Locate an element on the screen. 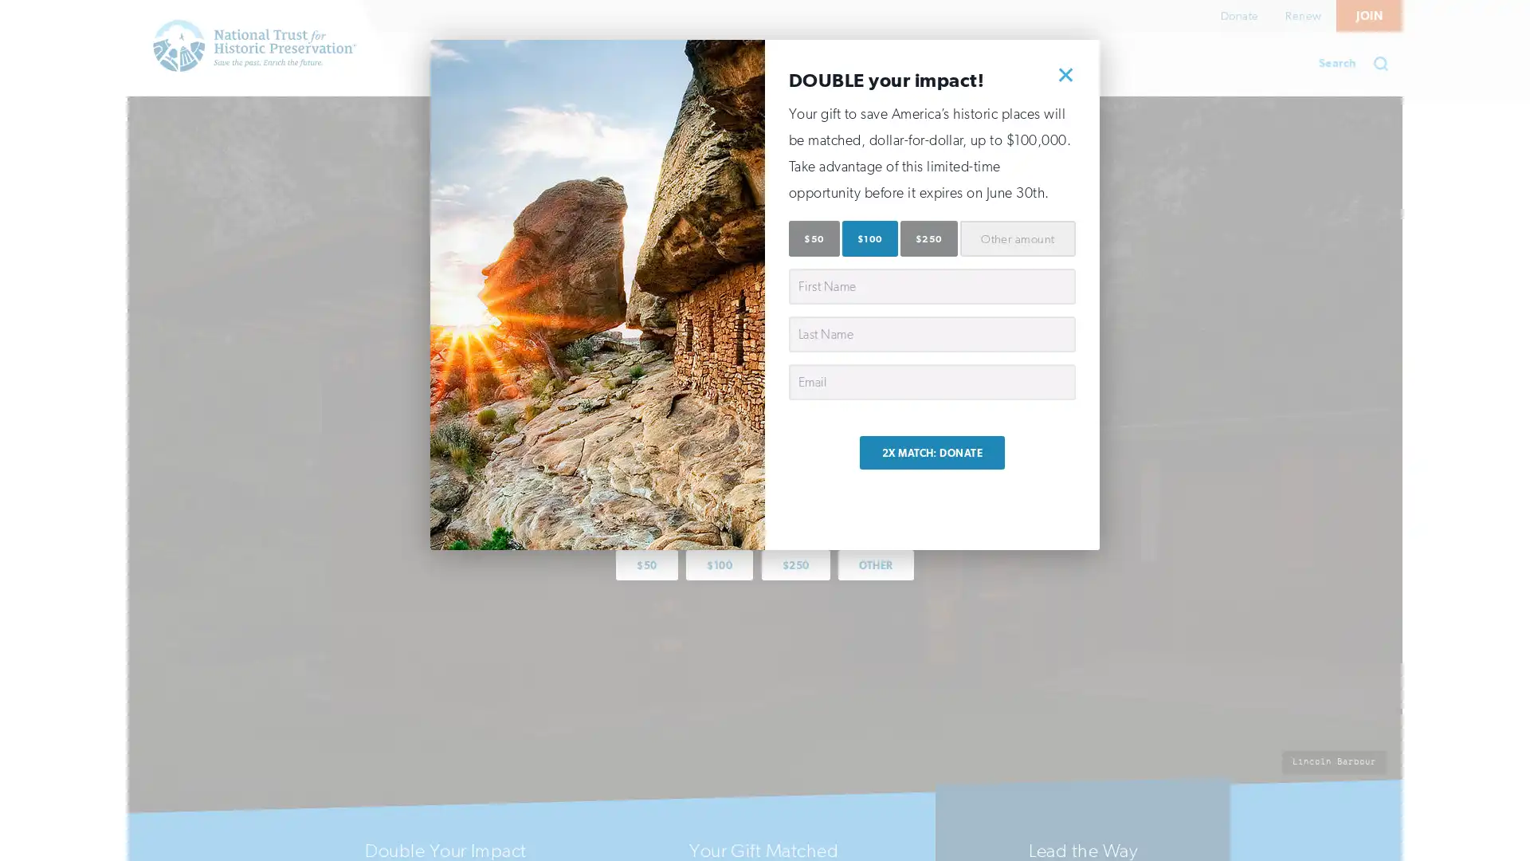  Open Explore Places section of the nav is located at coordinates (634, 63).